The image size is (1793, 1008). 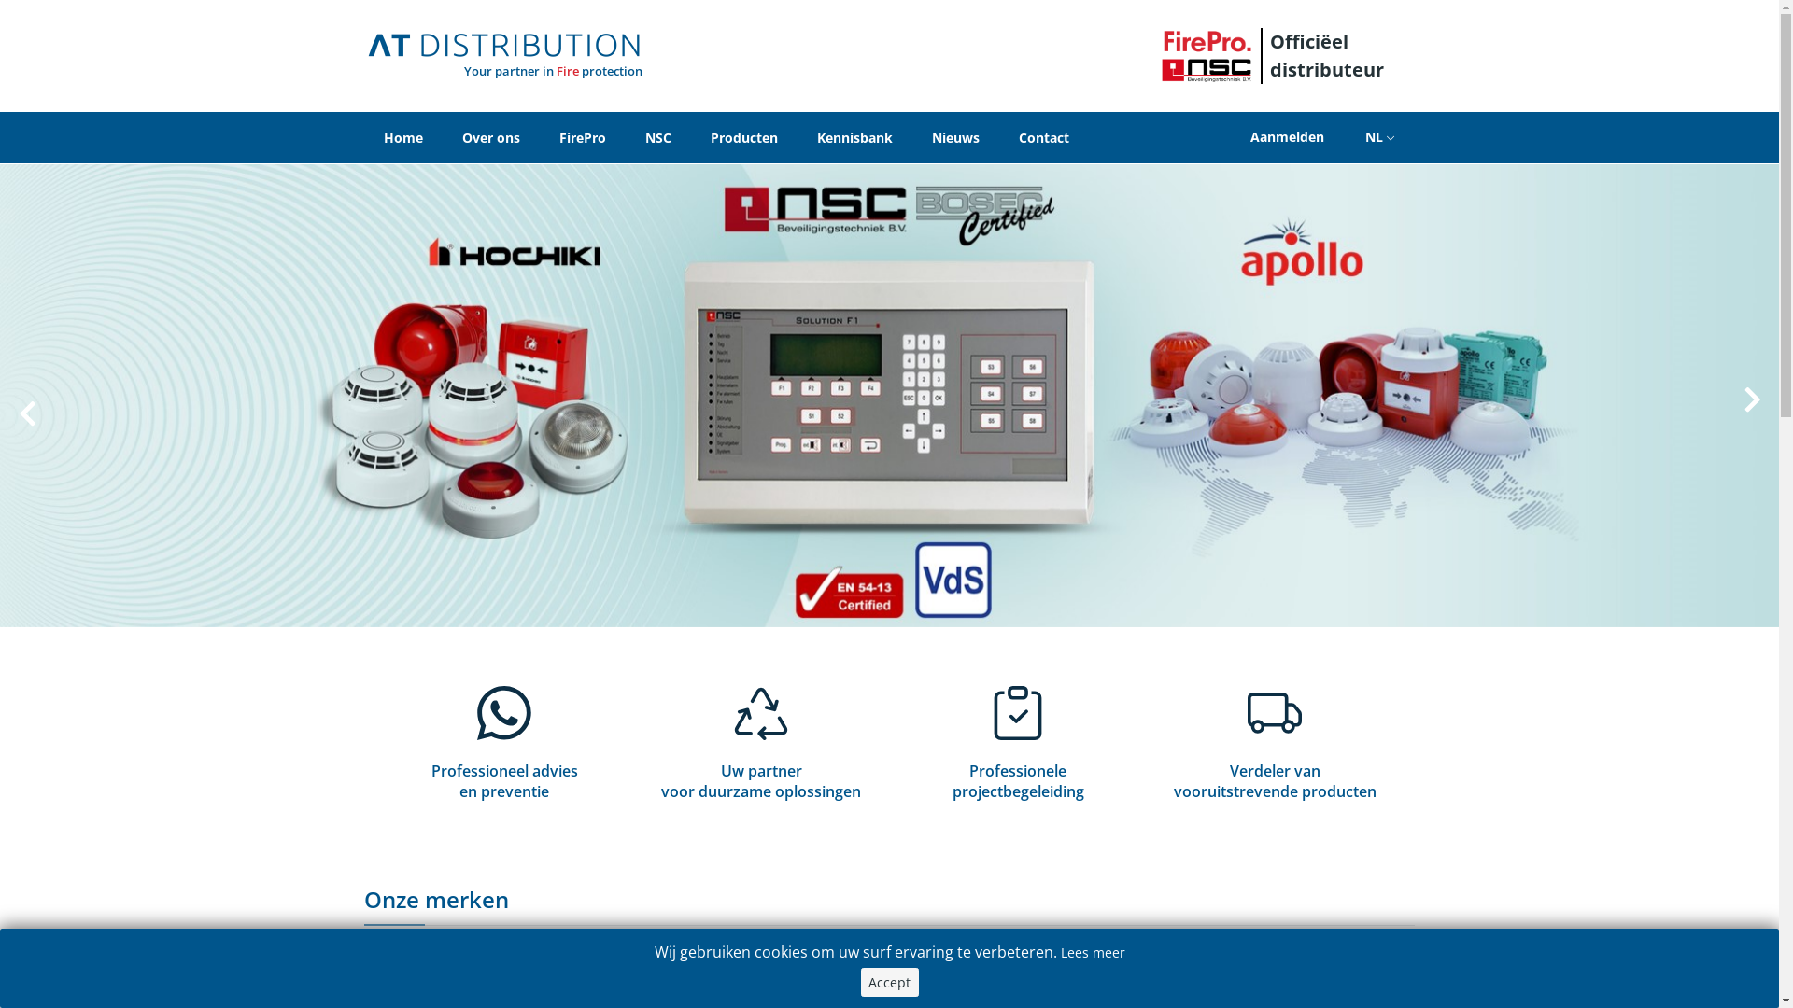 What do you see at coordinates (889, 981) in the screenshot?
I see `'Accept'` at bounding box center [889, 981].